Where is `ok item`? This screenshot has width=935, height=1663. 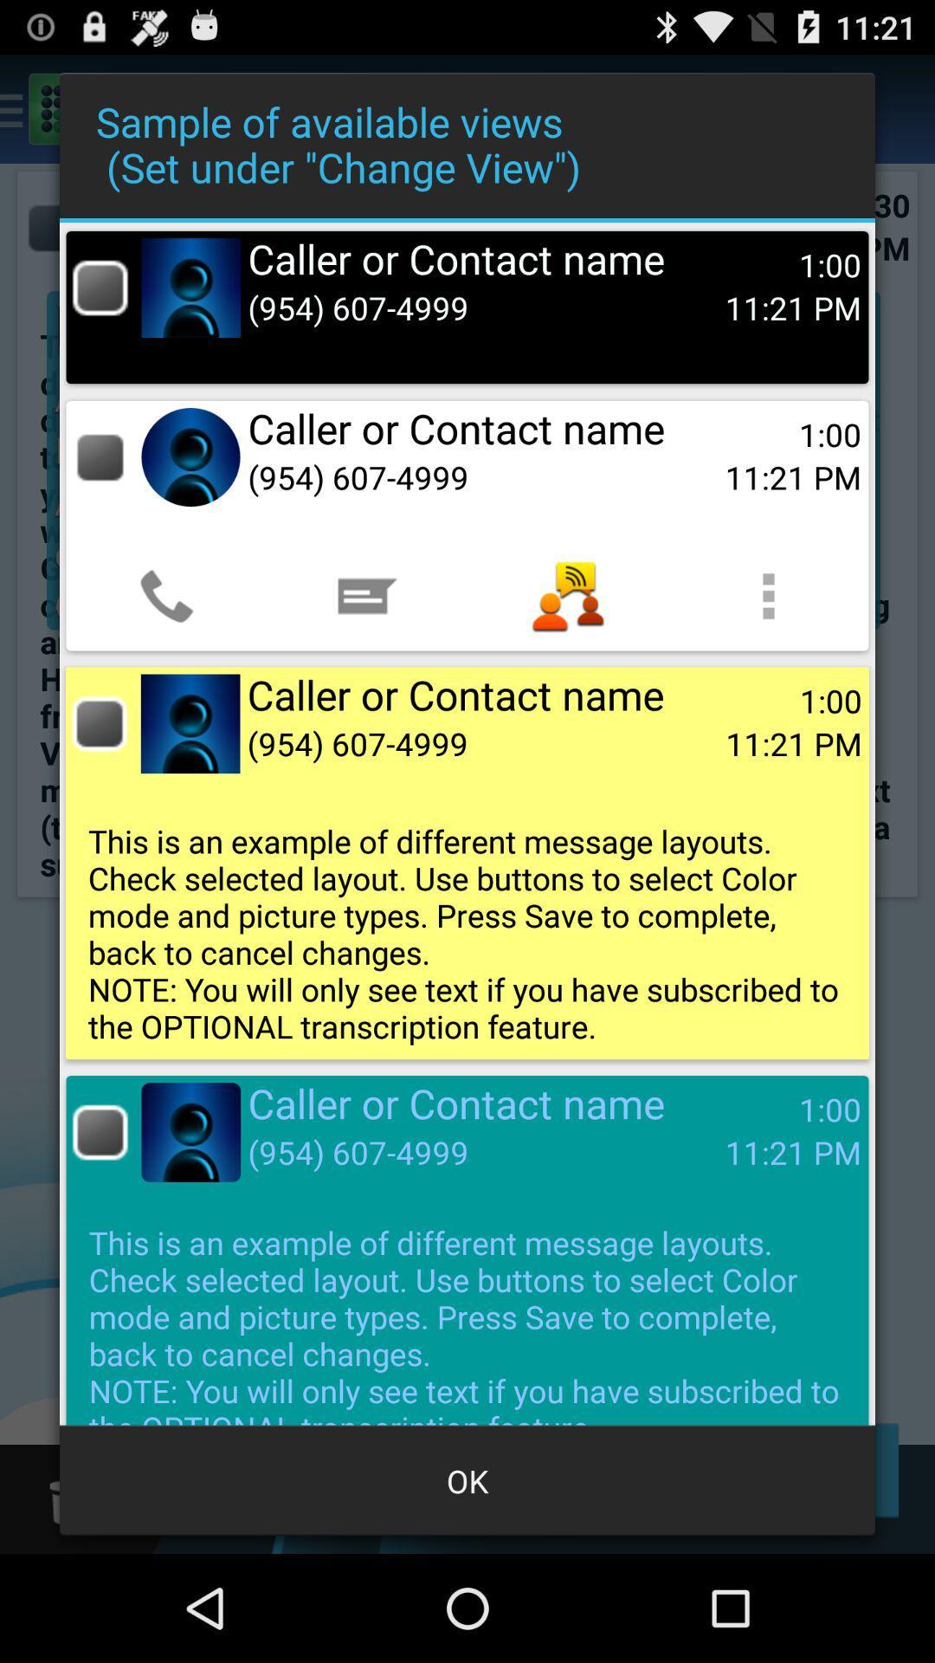 ok item is located at coordinates (467, 1479).